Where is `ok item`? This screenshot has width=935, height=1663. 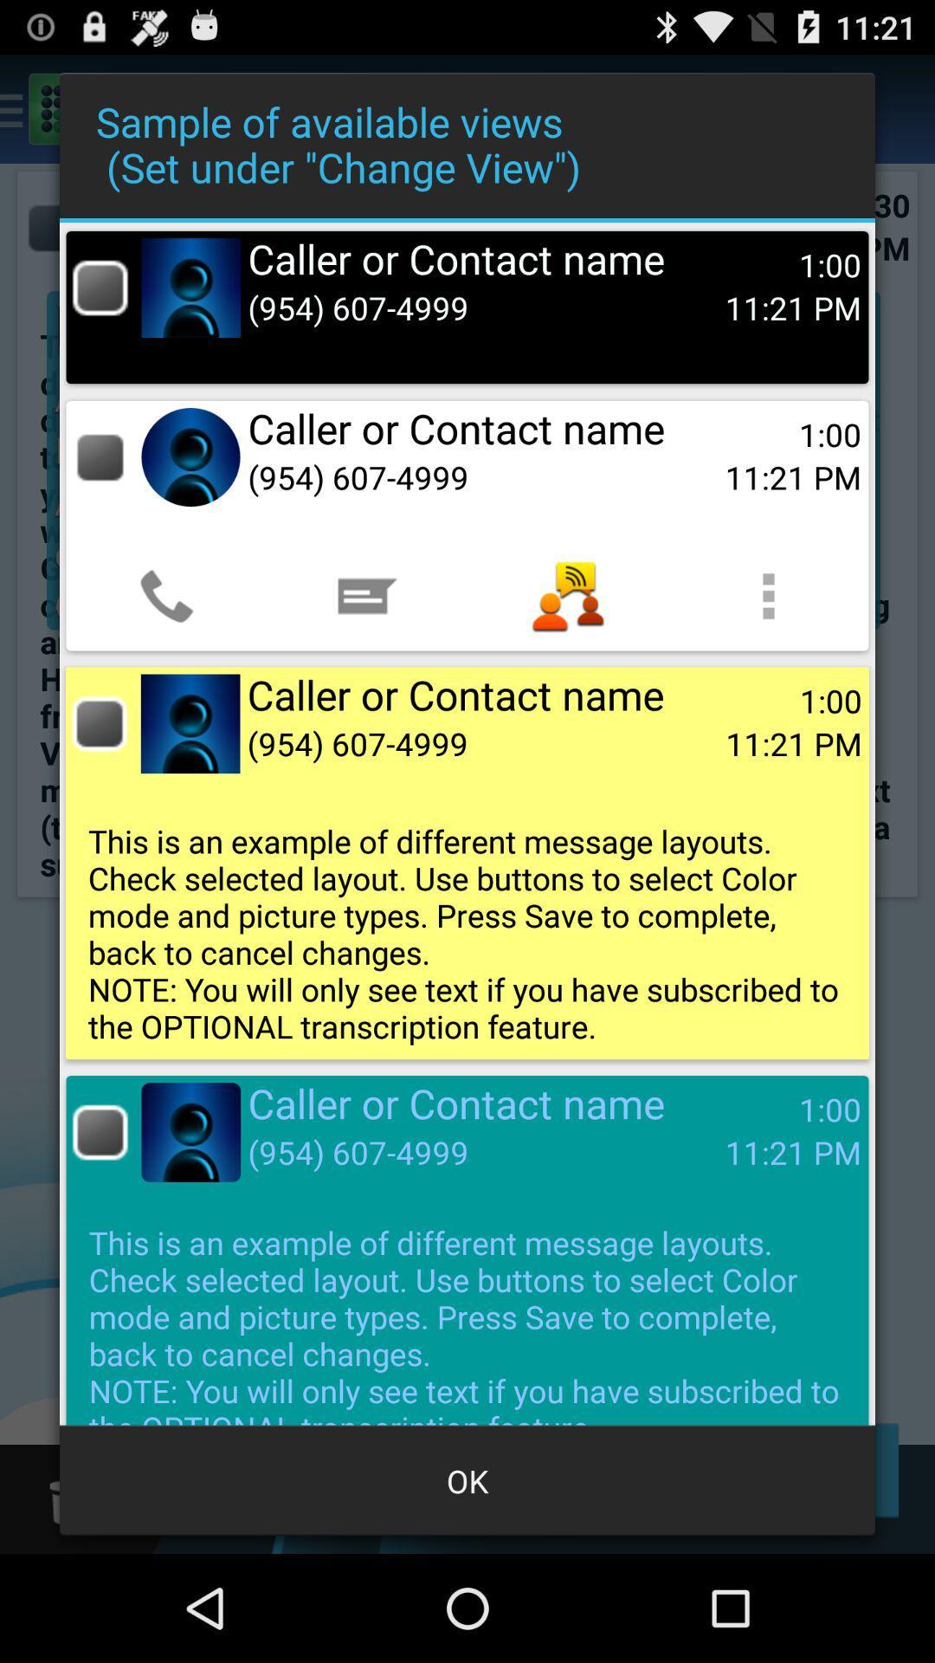 ok item is located at coordinates (467, 1479).